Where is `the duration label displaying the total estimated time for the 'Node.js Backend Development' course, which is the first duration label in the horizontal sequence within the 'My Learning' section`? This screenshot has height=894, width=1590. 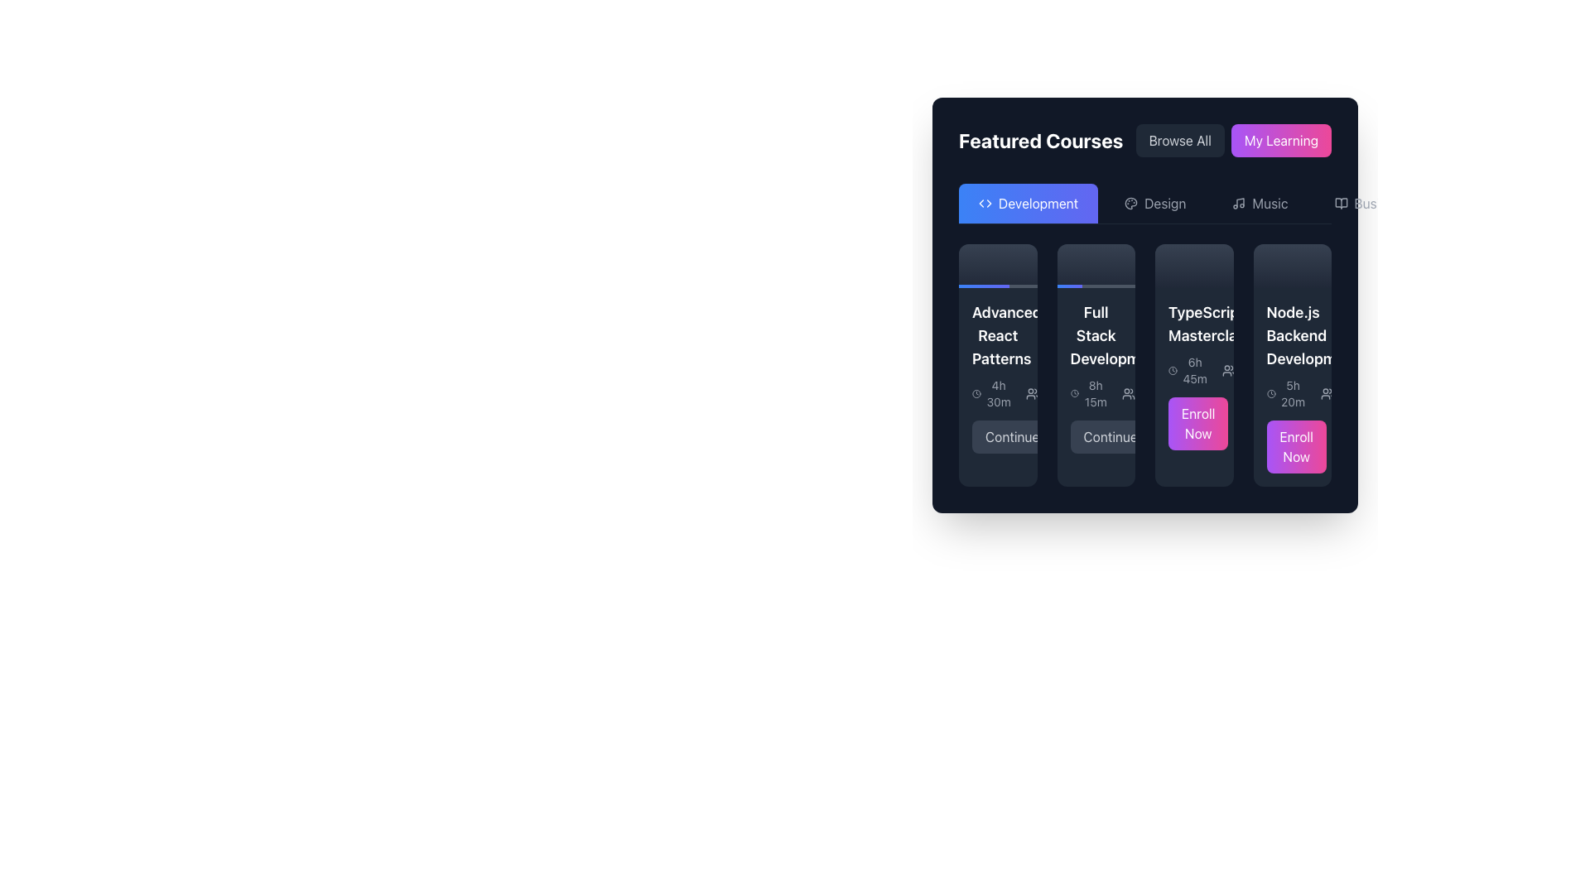 the duration label displaying the total estimated time for the 'Node.js Backend Development' course, which is the first duration label in the horizontal sequence within the 'My Learning' section is located at coordinates (1286, 393).